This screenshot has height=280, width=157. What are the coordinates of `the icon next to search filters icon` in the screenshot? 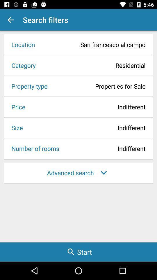 It's located at (10, 20).